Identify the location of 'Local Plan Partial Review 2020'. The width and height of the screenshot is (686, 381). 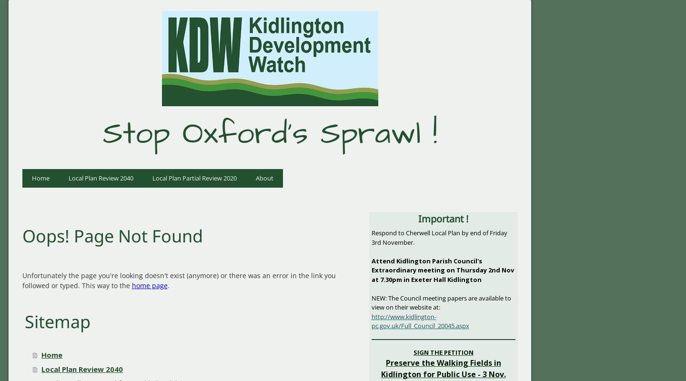
(193, 177).